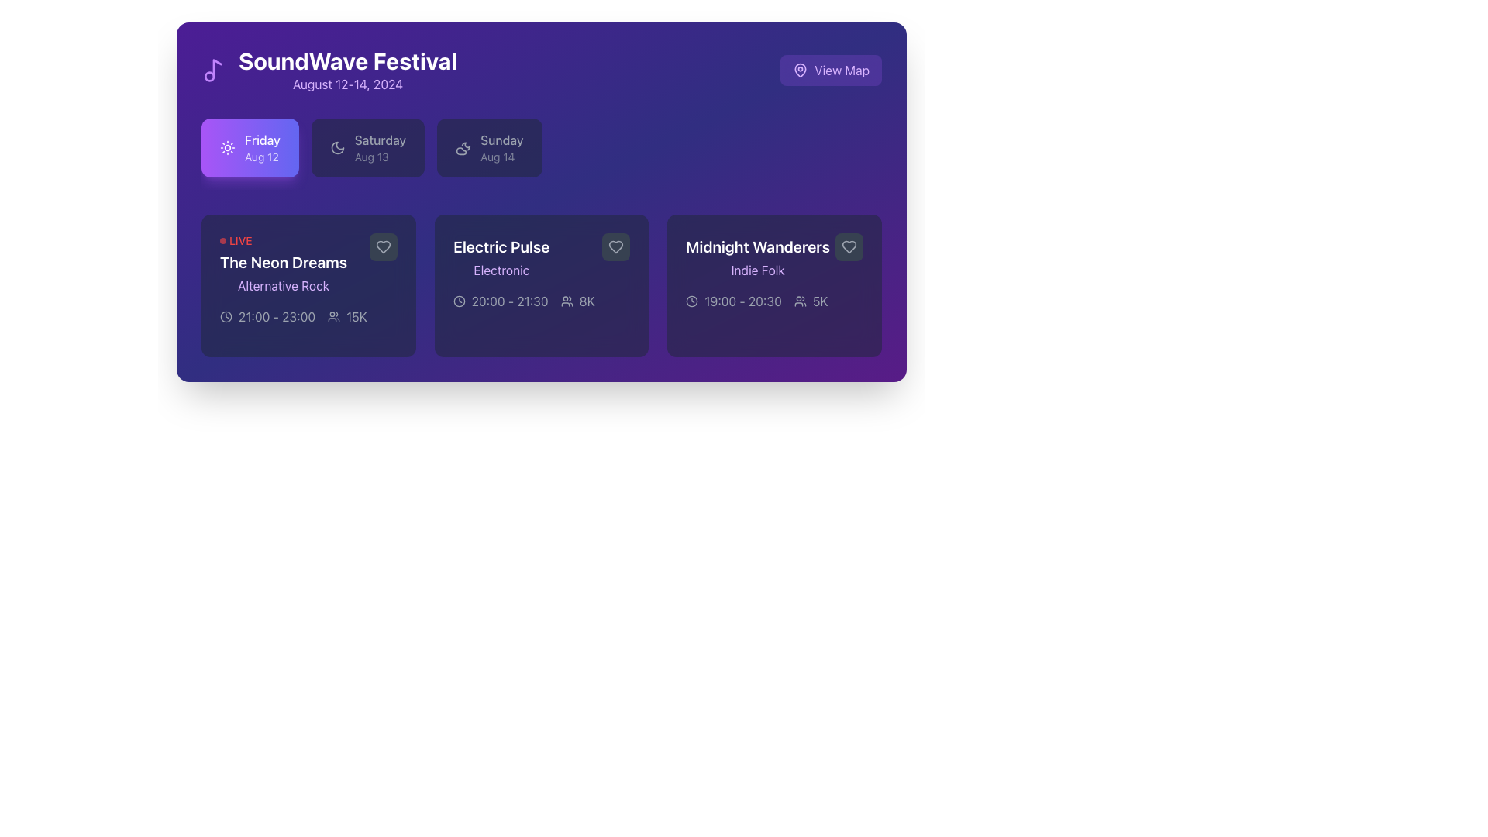 This screenshot has height=837, width=1488. Describe the element at coordinates (347, 84) in the screenshot. I see `the interactive text label displaying the date range 'August 12-14, 2024', which is styled with purple color and located below the title 'SoundWave Festival'` at that location.